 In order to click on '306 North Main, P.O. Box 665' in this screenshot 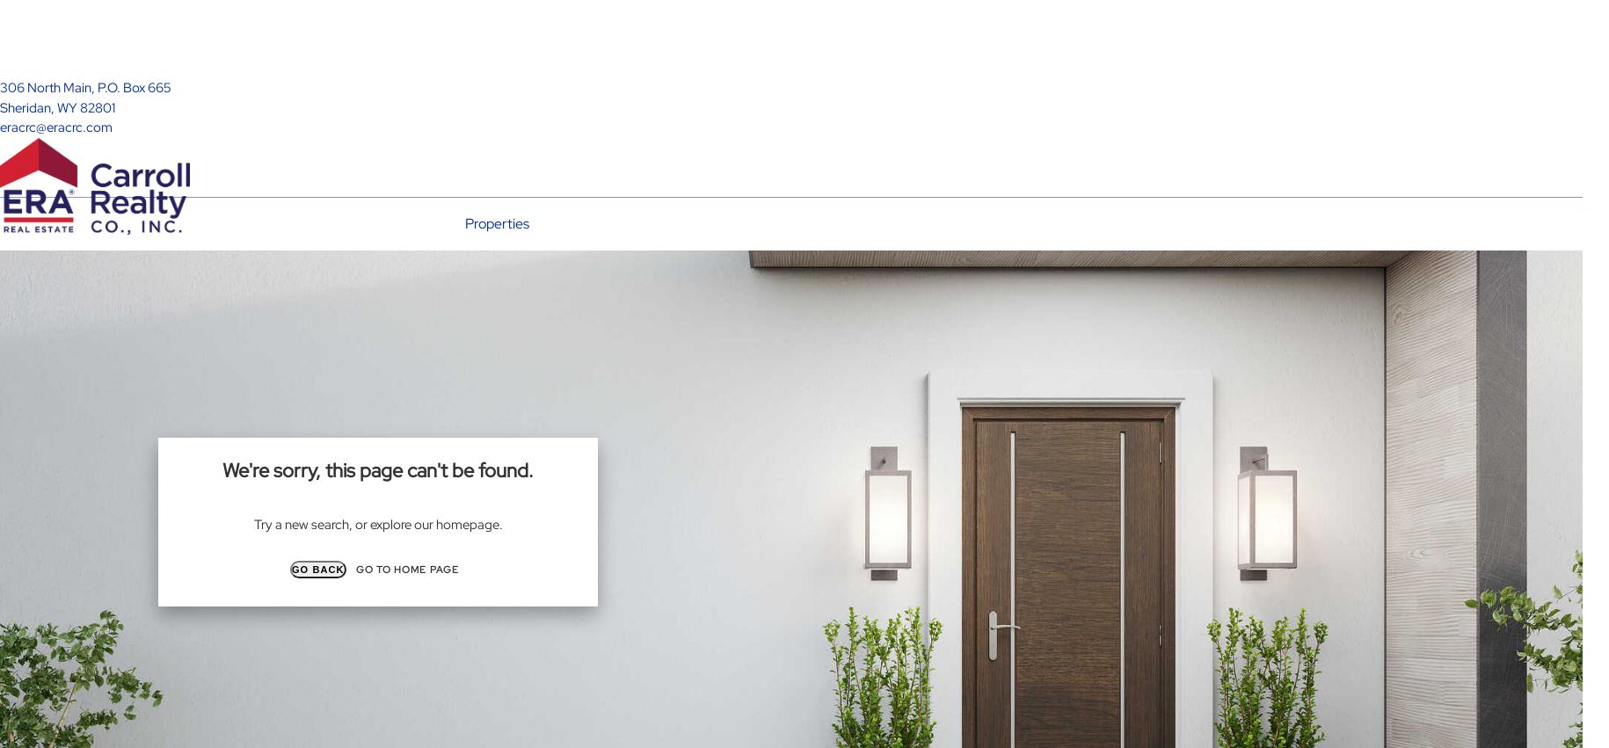, I will do `click(85, 86)`.